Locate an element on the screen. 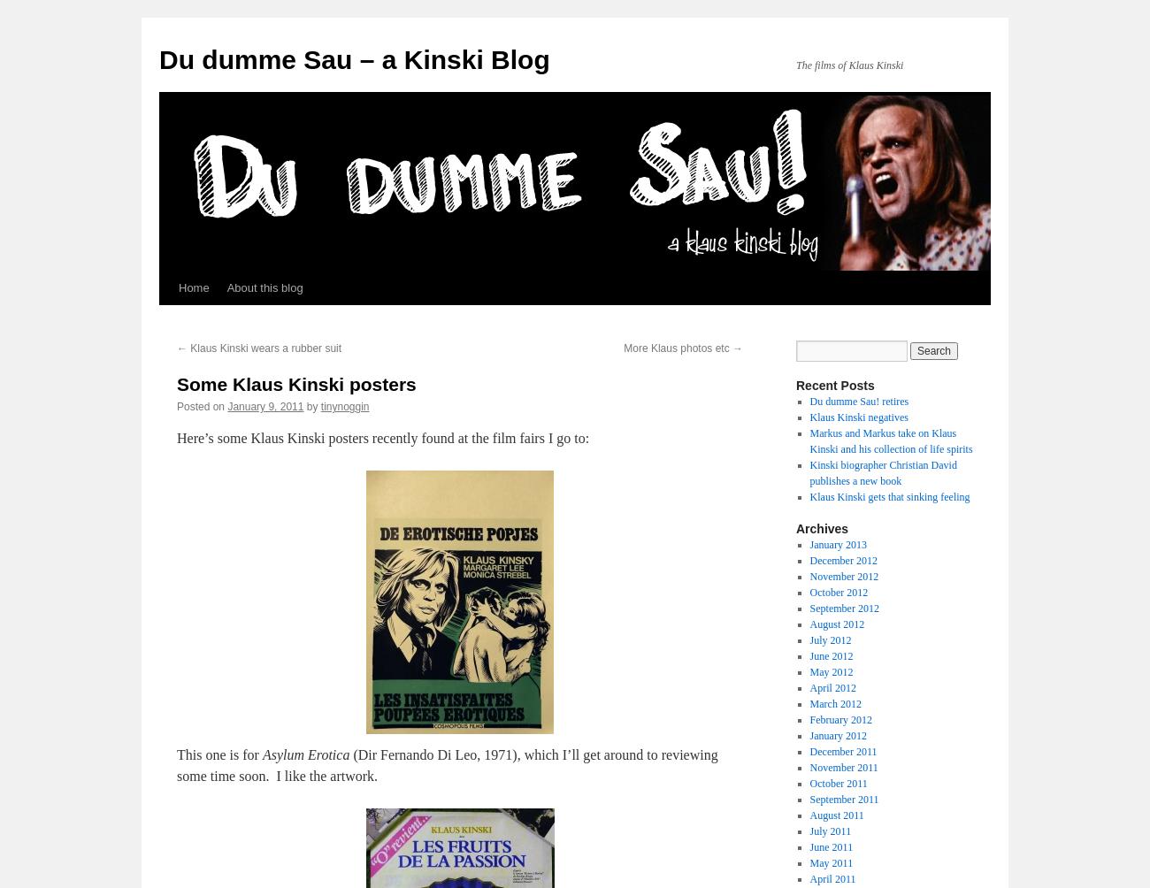 Image resolution: width=1150 pixels, height=888 pixels. 'January 2013' is located at coordinates (838, 544).